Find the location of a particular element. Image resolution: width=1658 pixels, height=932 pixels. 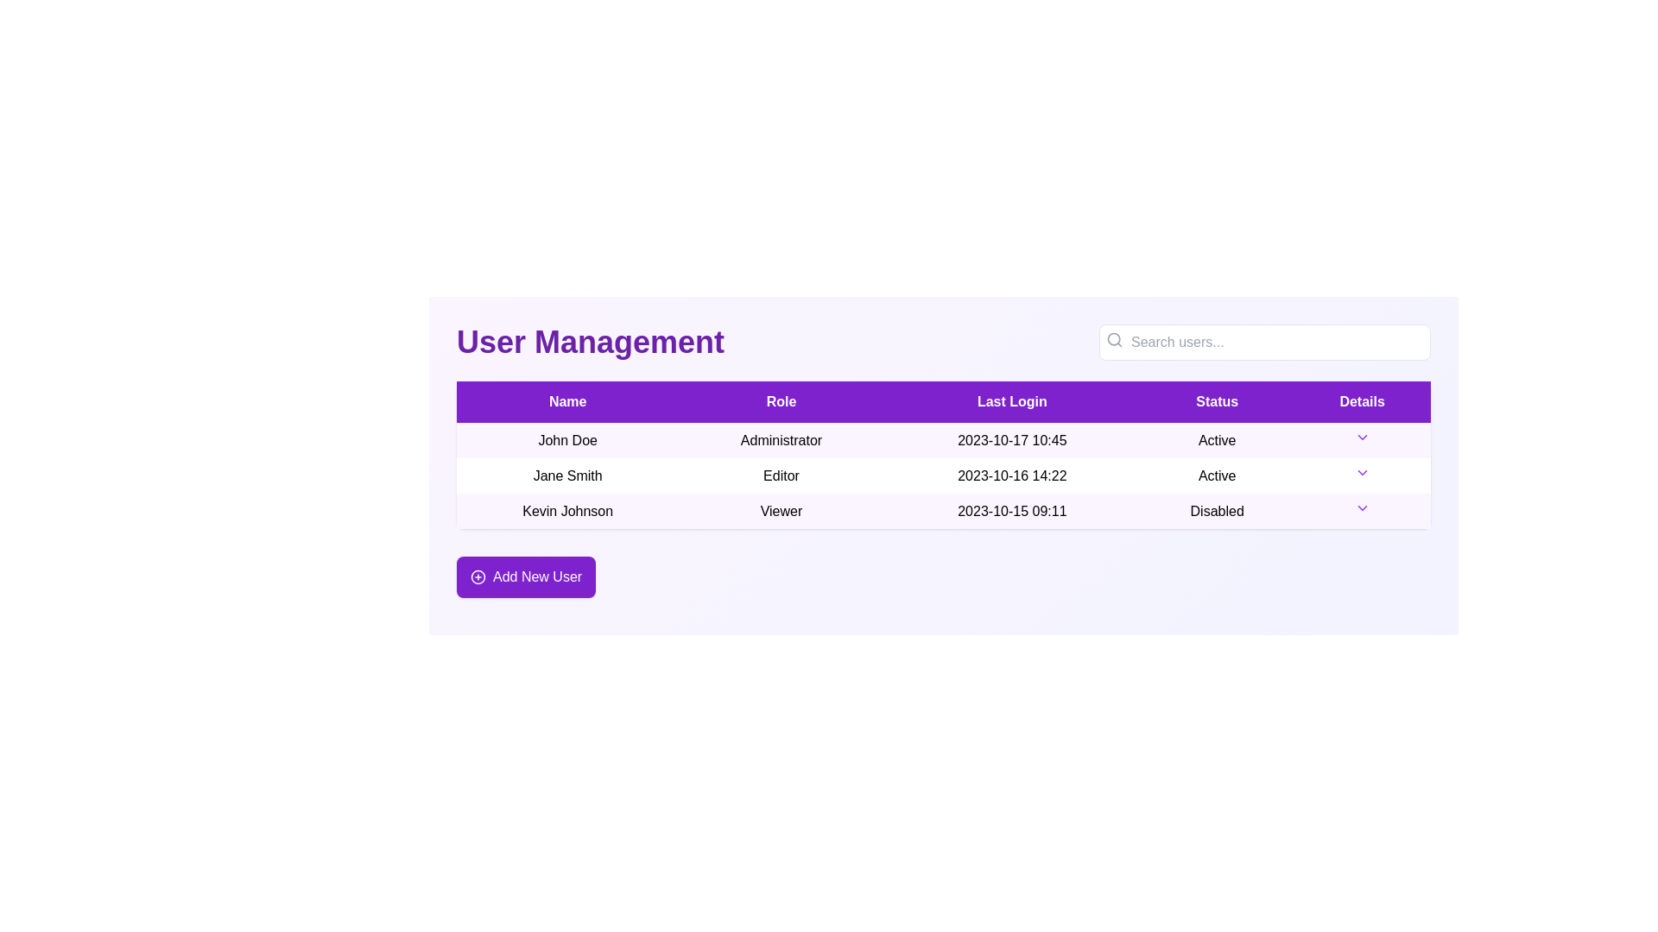

the text label displaying '2023-10-16 14:22' located in the 'Last Login' column of the 'Jane Smith' row in the table is located at coordinates (1012, 475).